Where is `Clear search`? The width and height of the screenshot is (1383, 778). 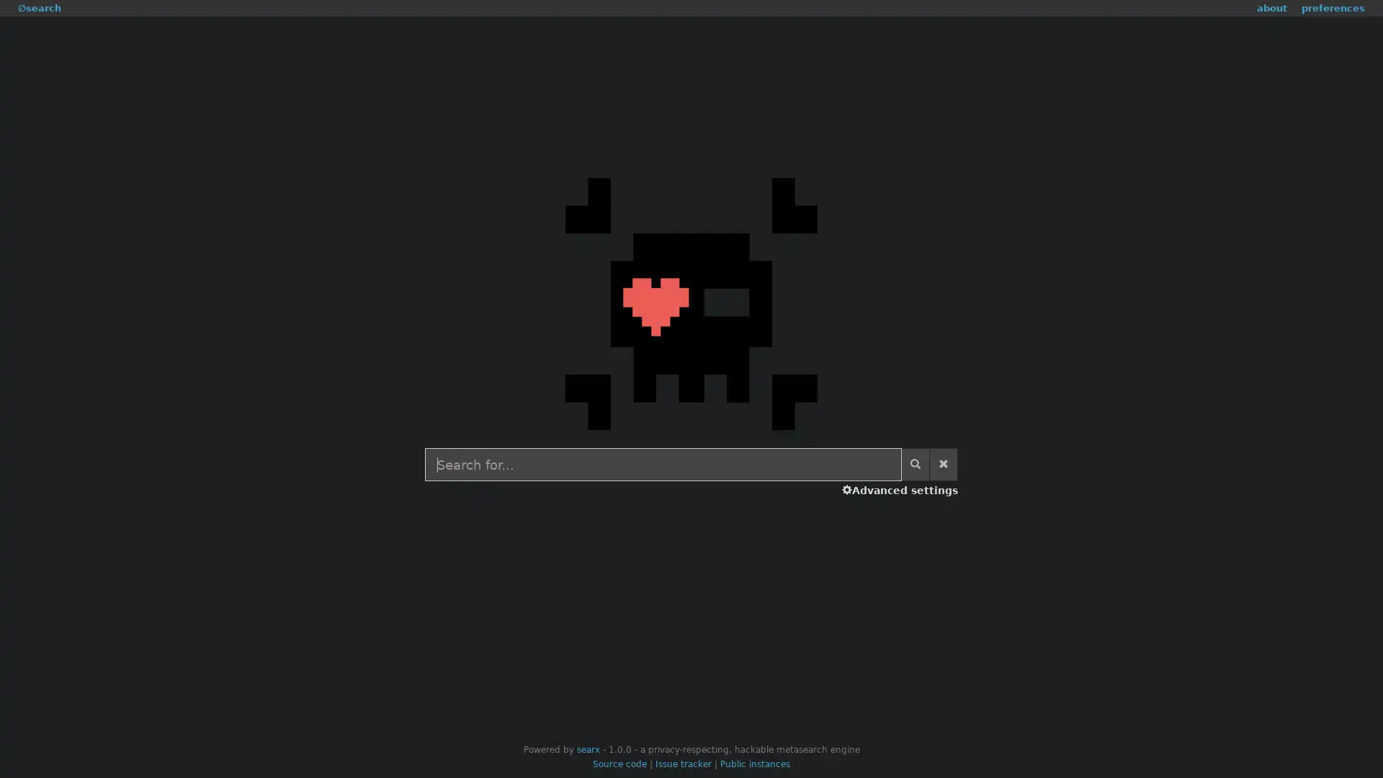
Clear search is located at coordinates (944, 464).